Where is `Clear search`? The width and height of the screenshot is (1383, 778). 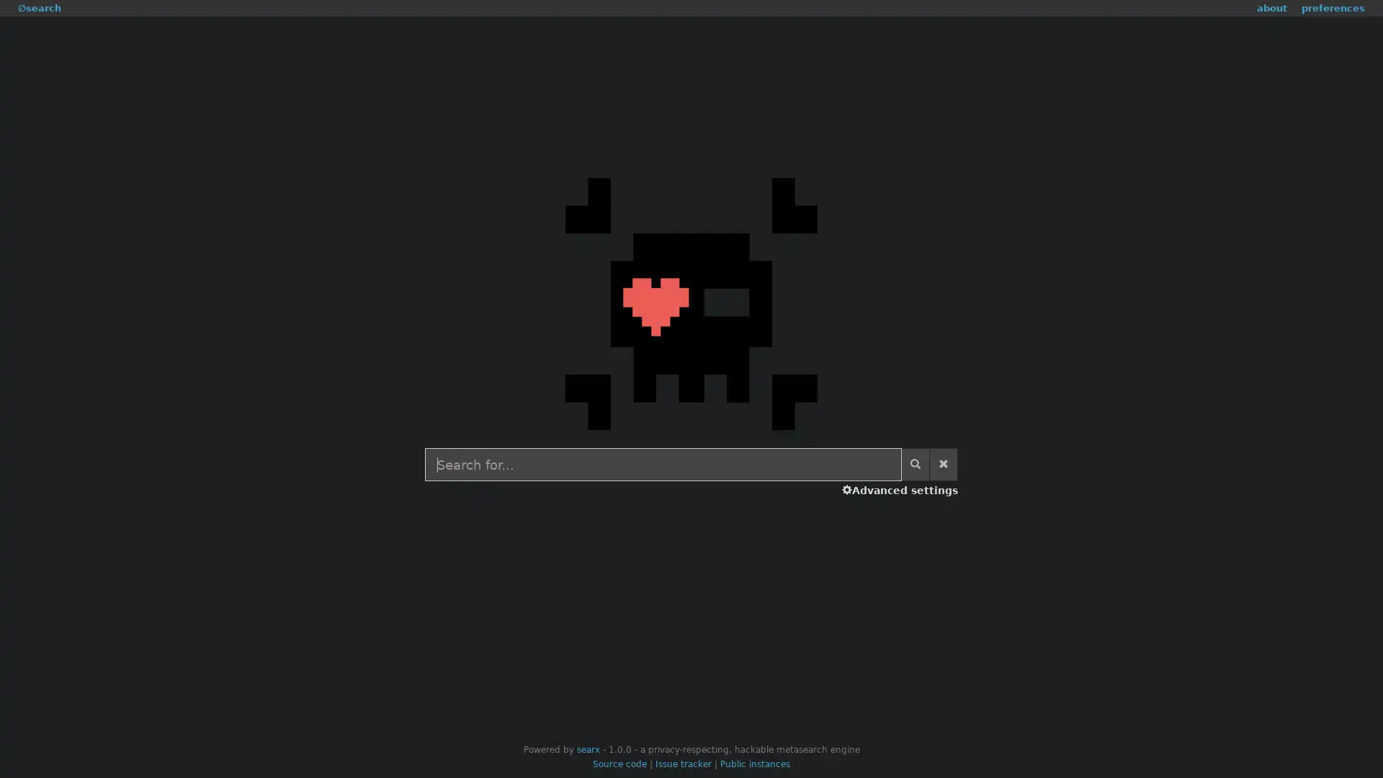
Clear search is located at coordinates (944, 464).